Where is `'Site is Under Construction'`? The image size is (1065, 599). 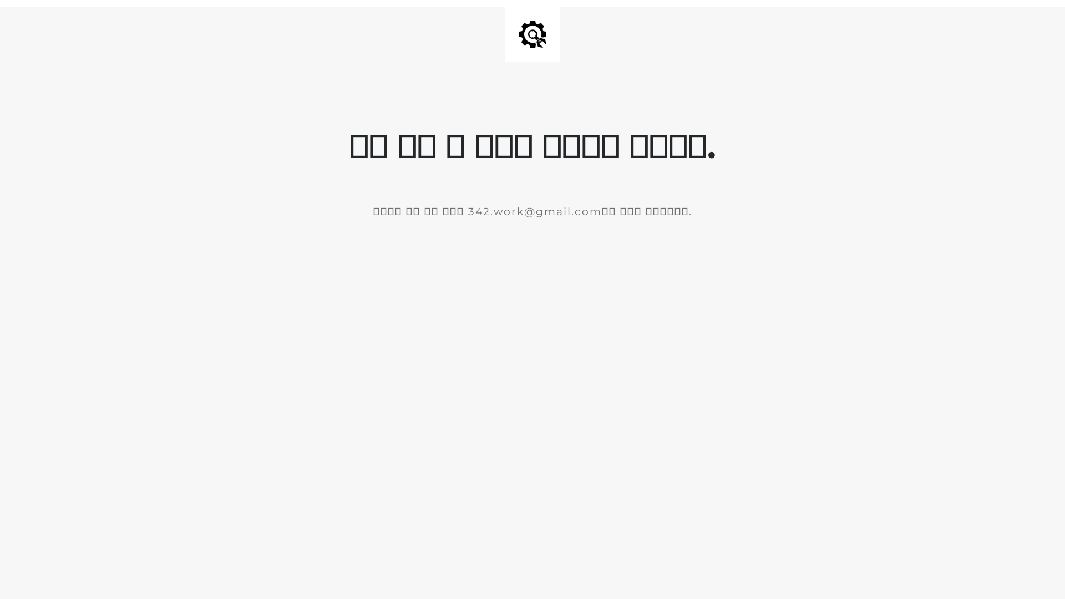
'Site is Under Construction' is located at coordinates (532, 33).